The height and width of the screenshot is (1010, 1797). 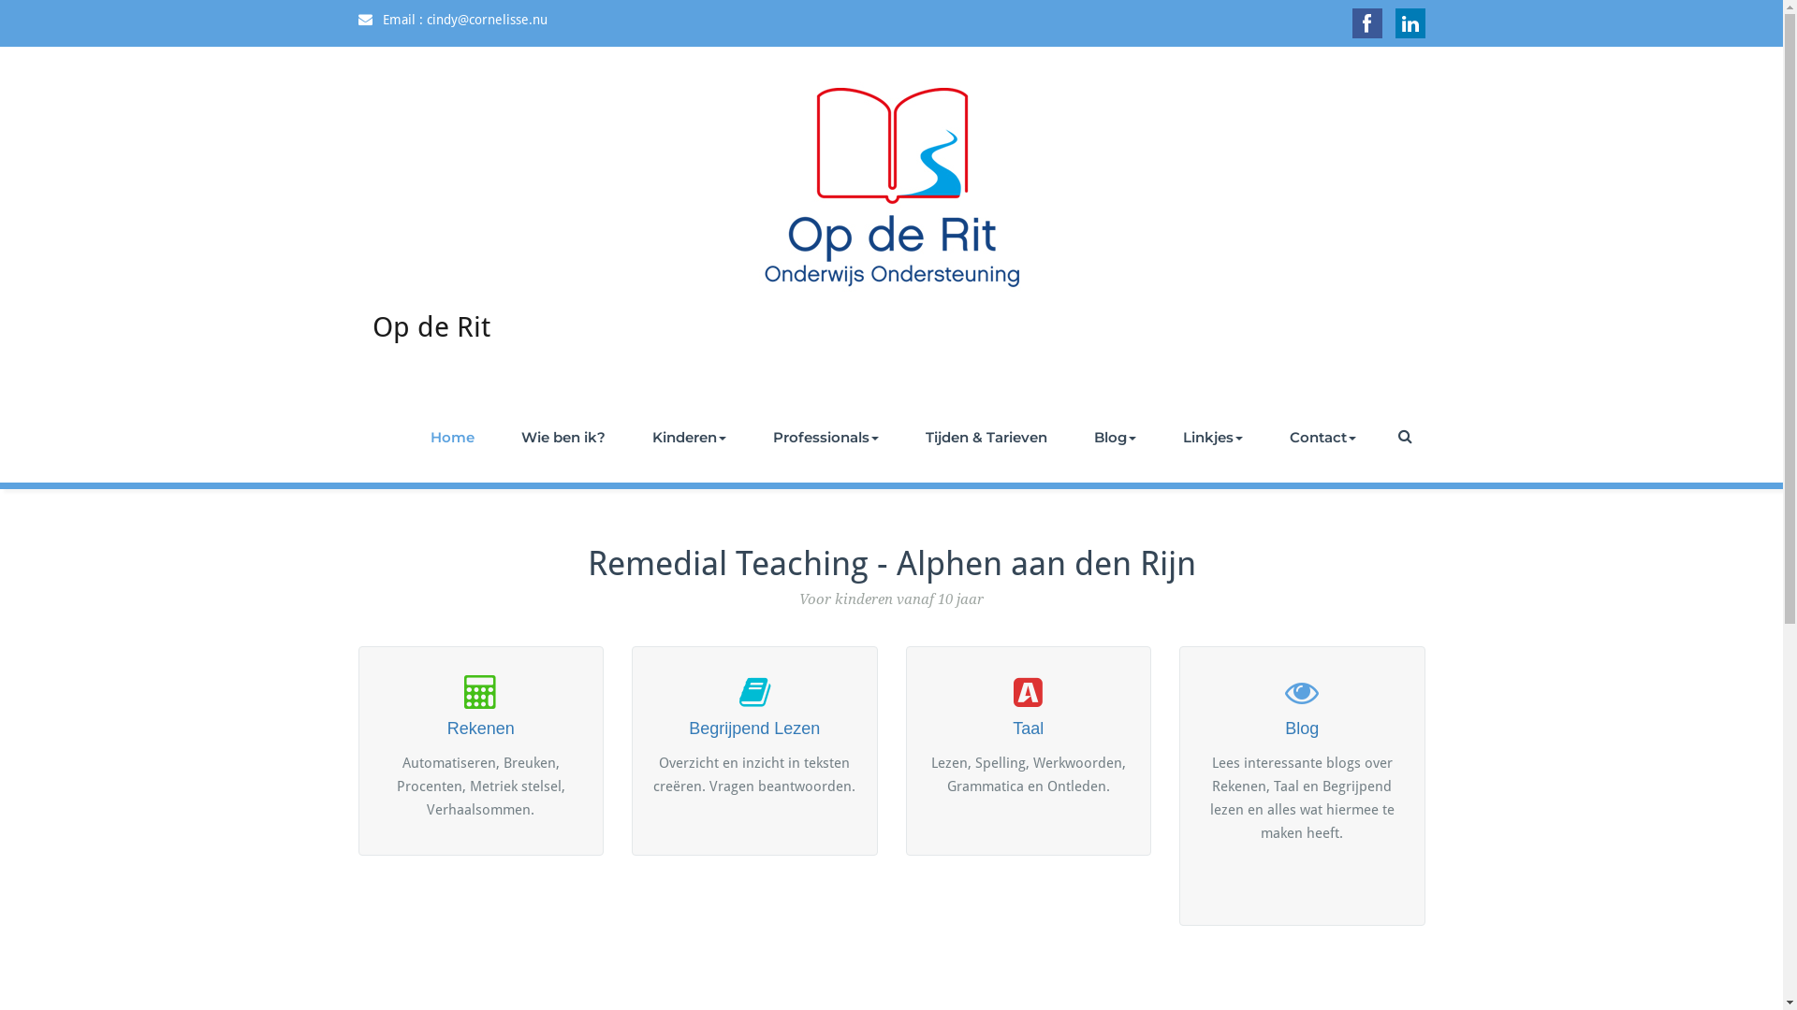 I want to click on 'Contact', so click(x=1321, y=437).